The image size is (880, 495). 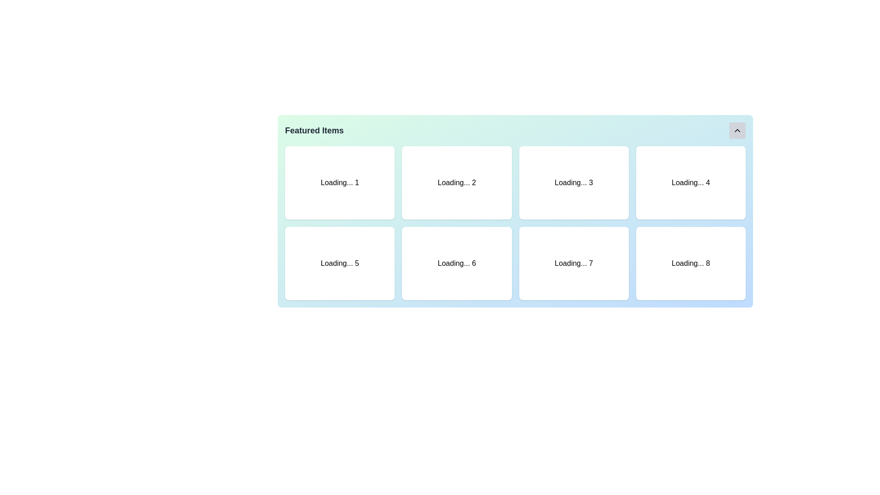 What do you see at coordinates (314, 131) in the screenshot?
I see `the 'Featured Items' text label, which is styled in bold dark gray against a light background and located in the header section` at bounding box center [314, 131].